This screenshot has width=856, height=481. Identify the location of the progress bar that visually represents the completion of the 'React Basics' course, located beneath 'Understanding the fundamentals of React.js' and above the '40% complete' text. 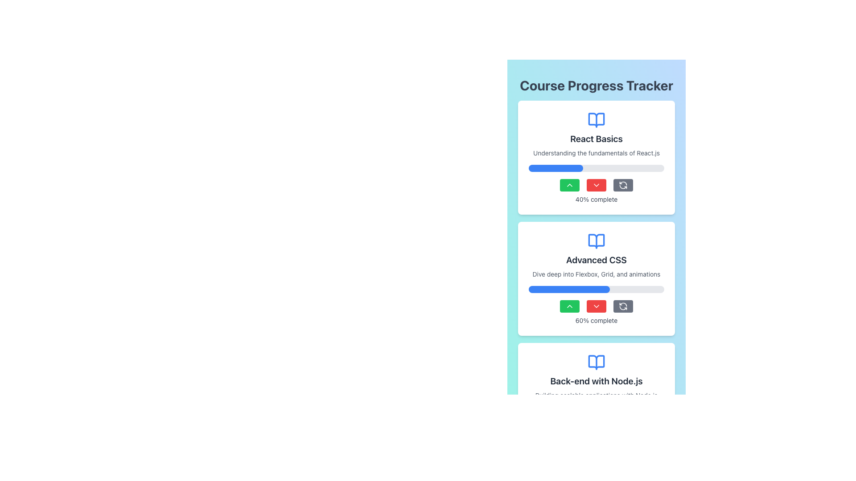
(597, 168).